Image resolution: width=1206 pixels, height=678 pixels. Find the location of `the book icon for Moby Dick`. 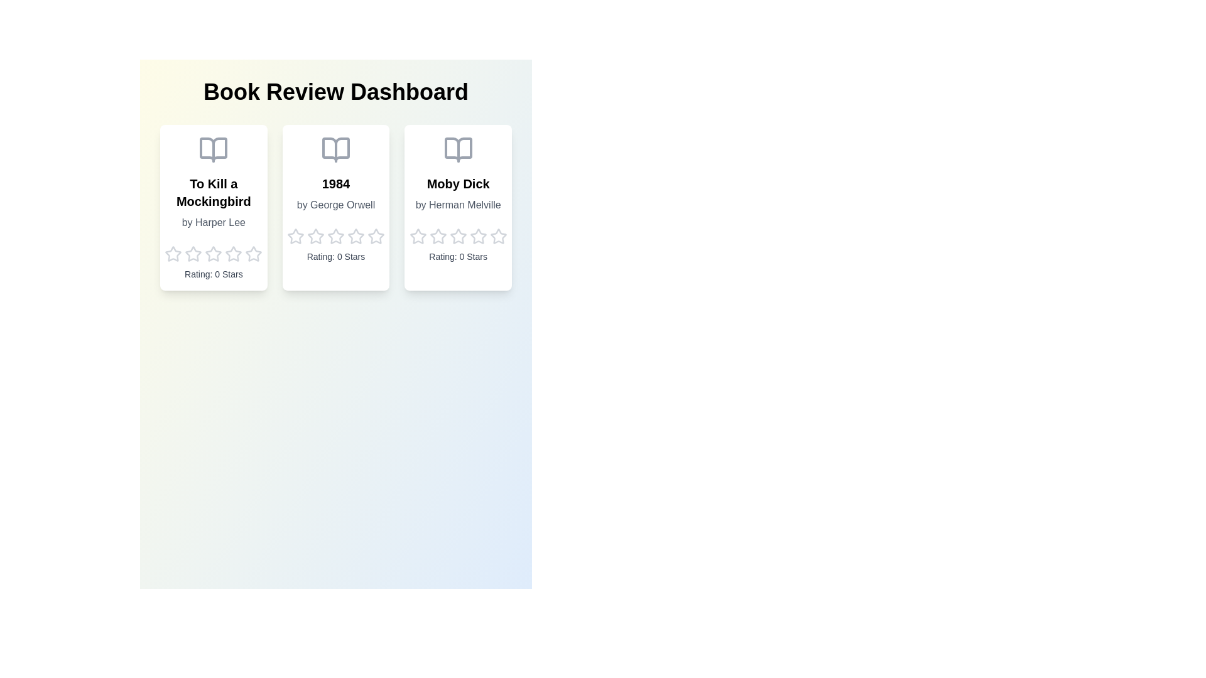

the book icon for Moby Dick is located at coordinates (457, 149).